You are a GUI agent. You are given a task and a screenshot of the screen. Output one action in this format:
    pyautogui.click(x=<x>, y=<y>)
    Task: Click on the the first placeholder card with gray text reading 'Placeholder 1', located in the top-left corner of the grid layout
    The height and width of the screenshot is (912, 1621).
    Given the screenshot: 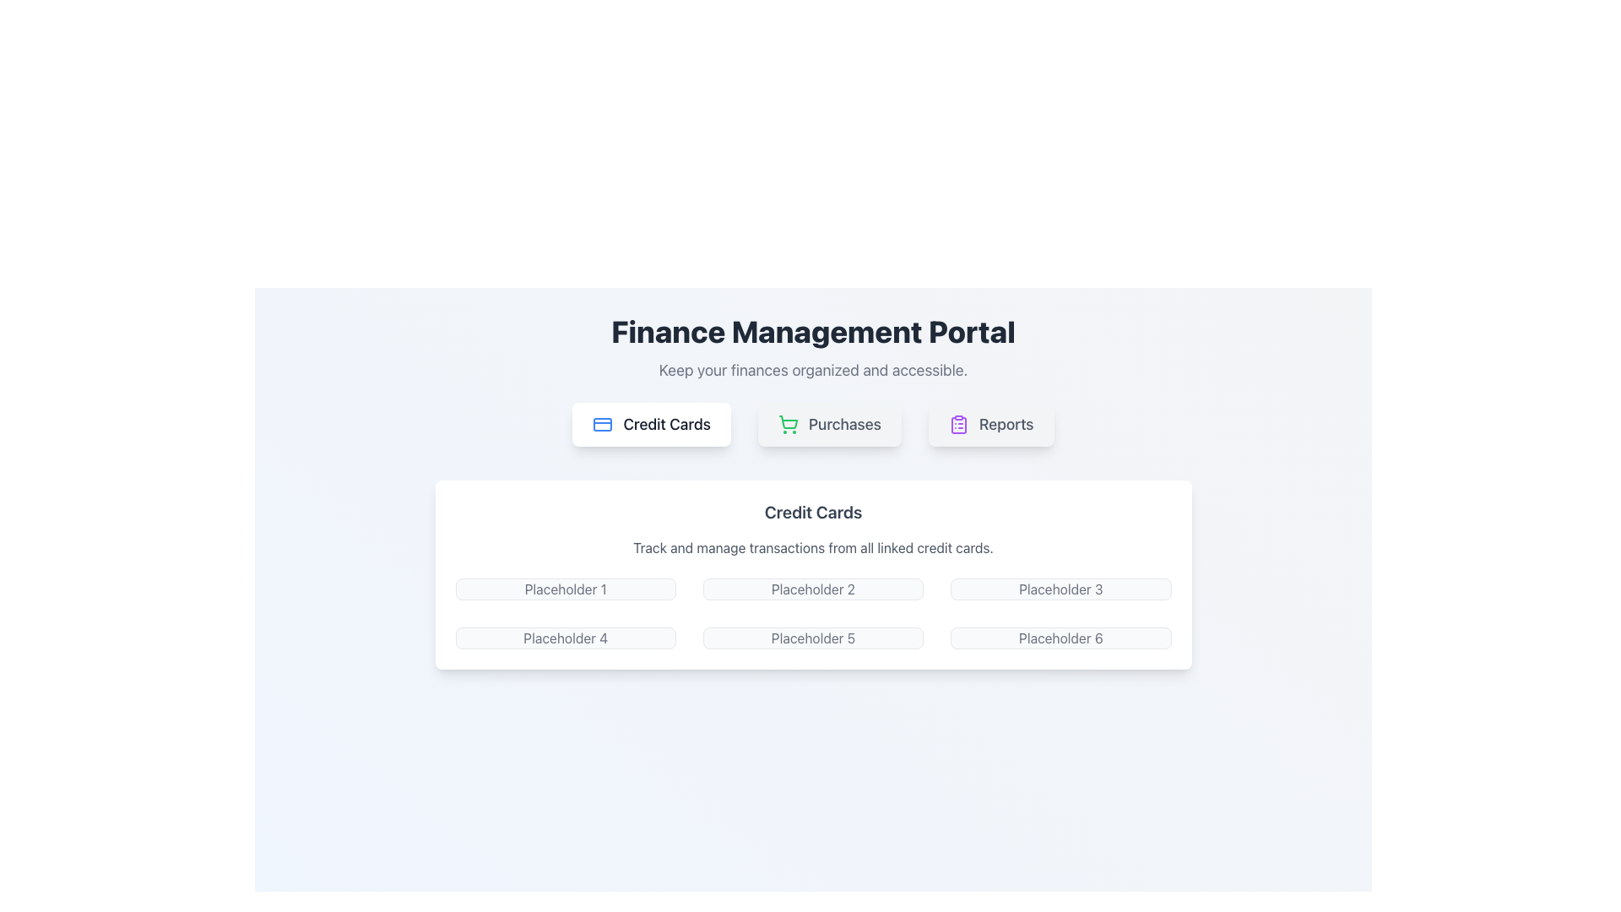 What is the action you would take?
    pyautogui.click(x=566, y=589)
    